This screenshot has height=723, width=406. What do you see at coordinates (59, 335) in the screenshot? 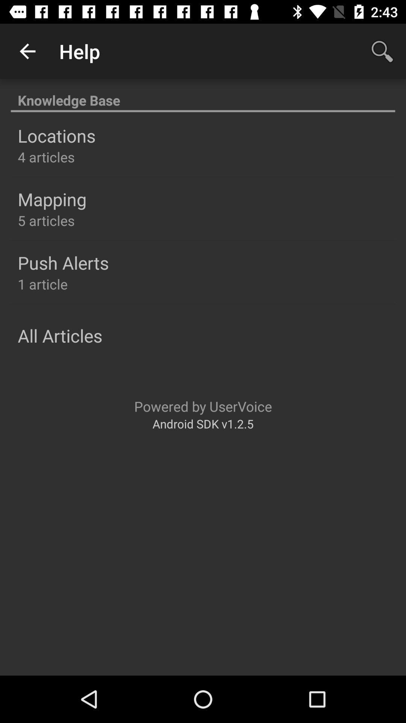
I see `the all articles icon` at bounding box center [59, 335].